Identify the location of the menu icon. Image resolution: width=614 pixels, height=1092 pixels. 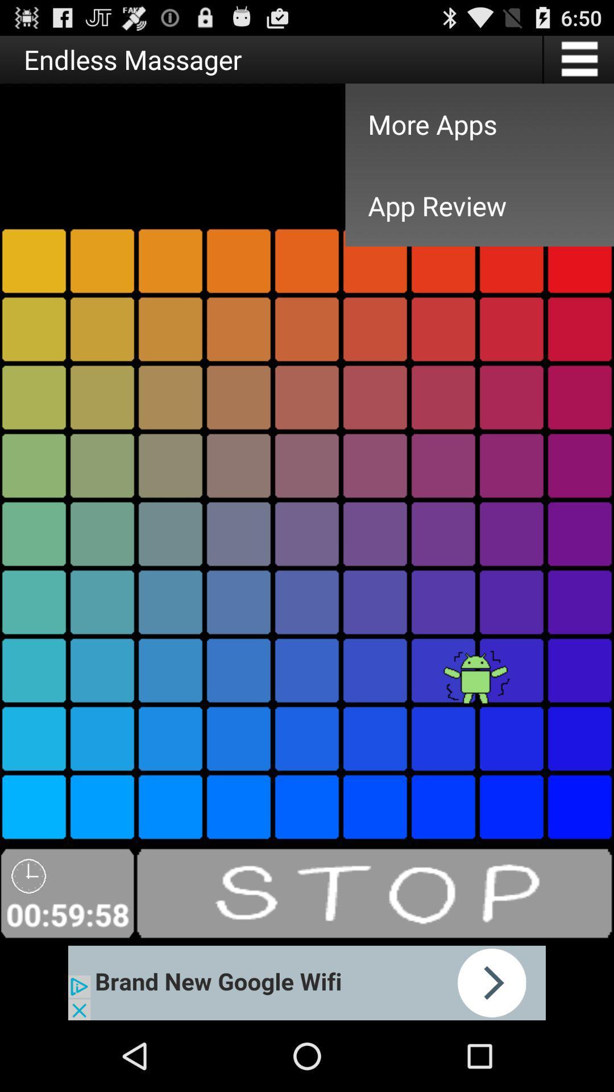
(578, 63).